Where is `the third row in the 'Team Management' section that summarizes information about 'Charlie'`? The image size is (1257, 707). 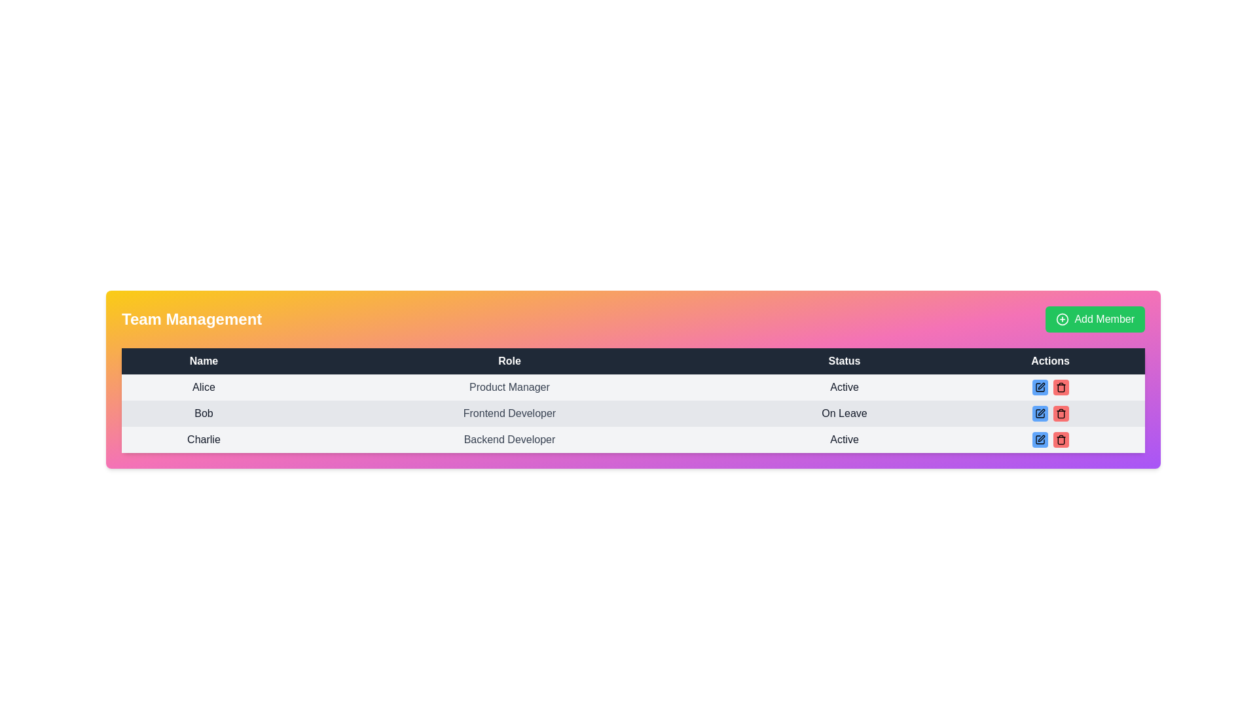
the third row in the 'Team Management' section that summarizes information about 'Charlie' is located at coordinates (633, 439).